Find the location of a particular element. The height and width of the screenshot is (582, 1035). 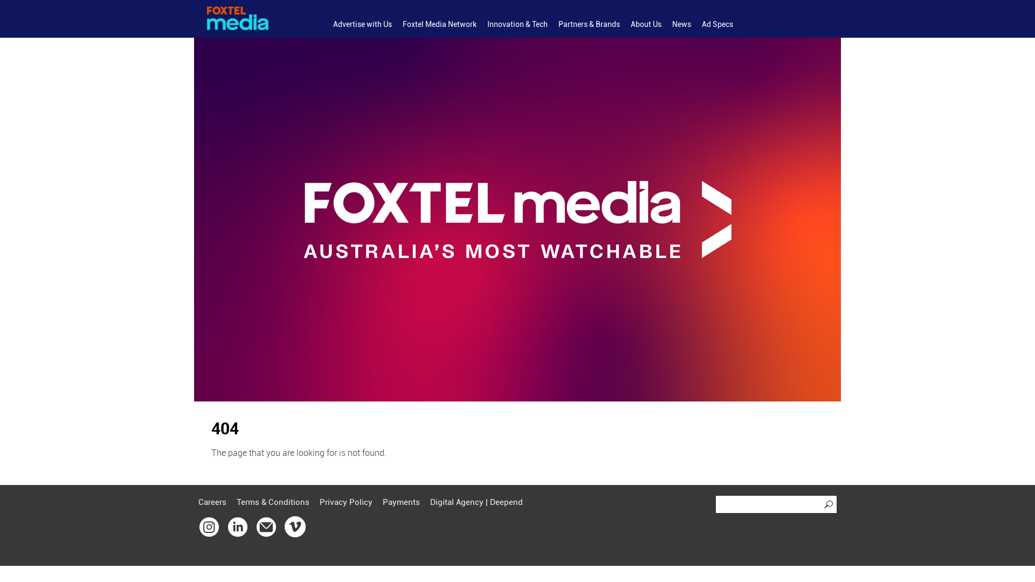

'Foxtel Media Network' is located at coordinates (439, 24).